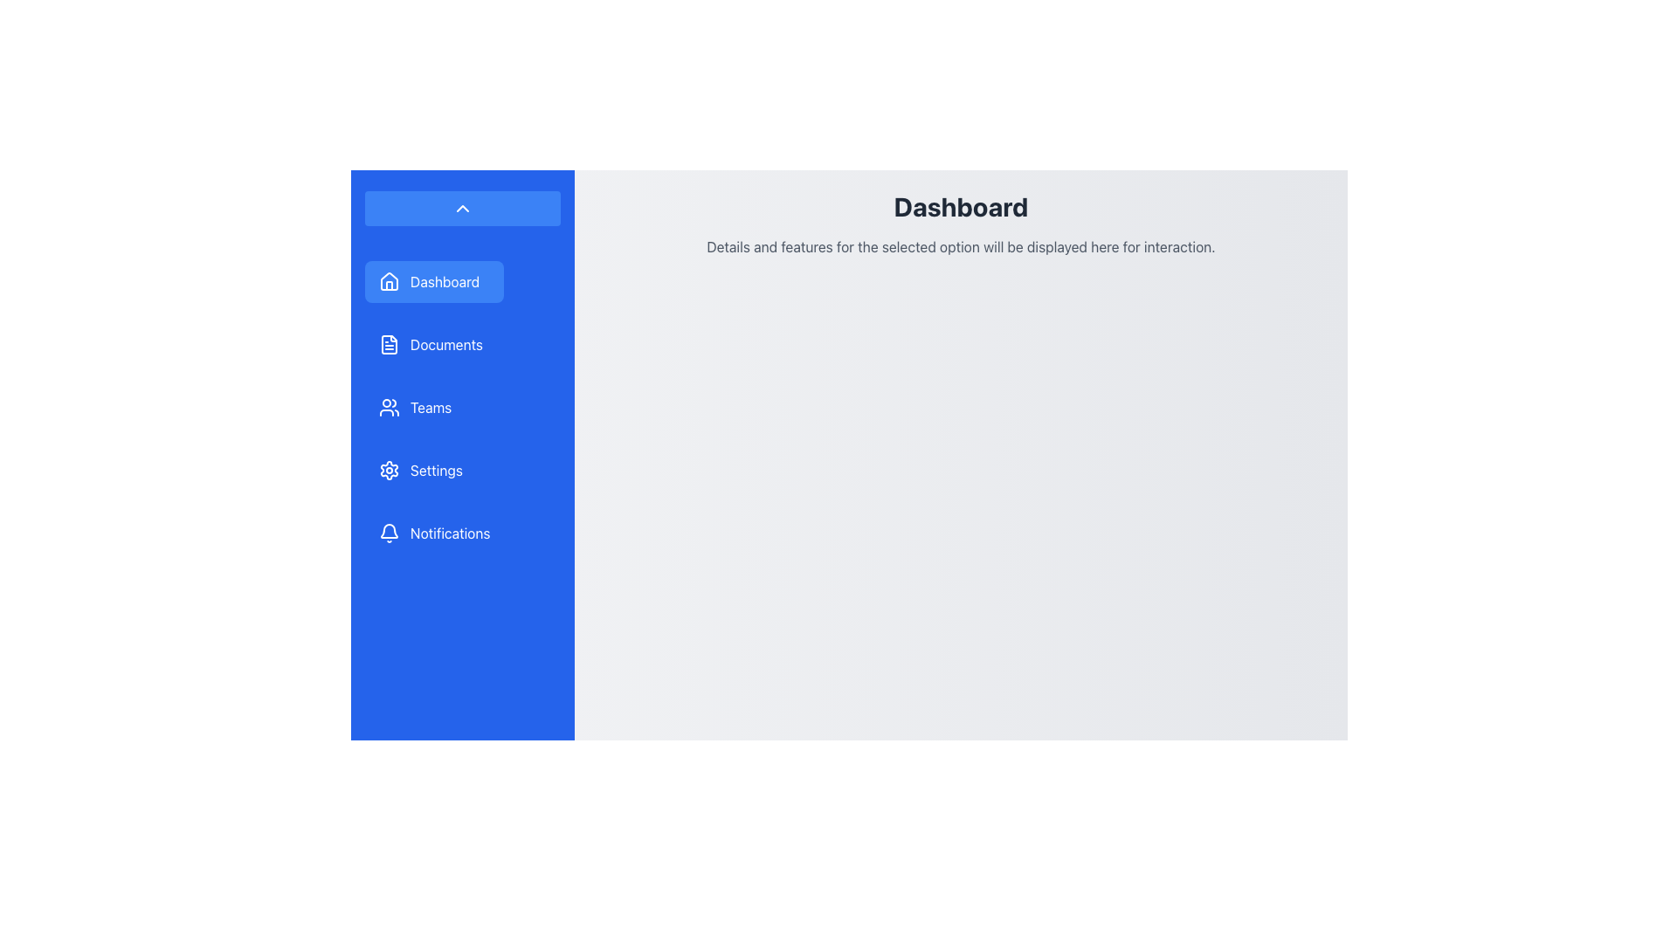  What do you see at coordinates (389, 344) in the screenshot?
I see `the 'Documents' icon in the vertical navigation panel` at bounding box center [389, 344].